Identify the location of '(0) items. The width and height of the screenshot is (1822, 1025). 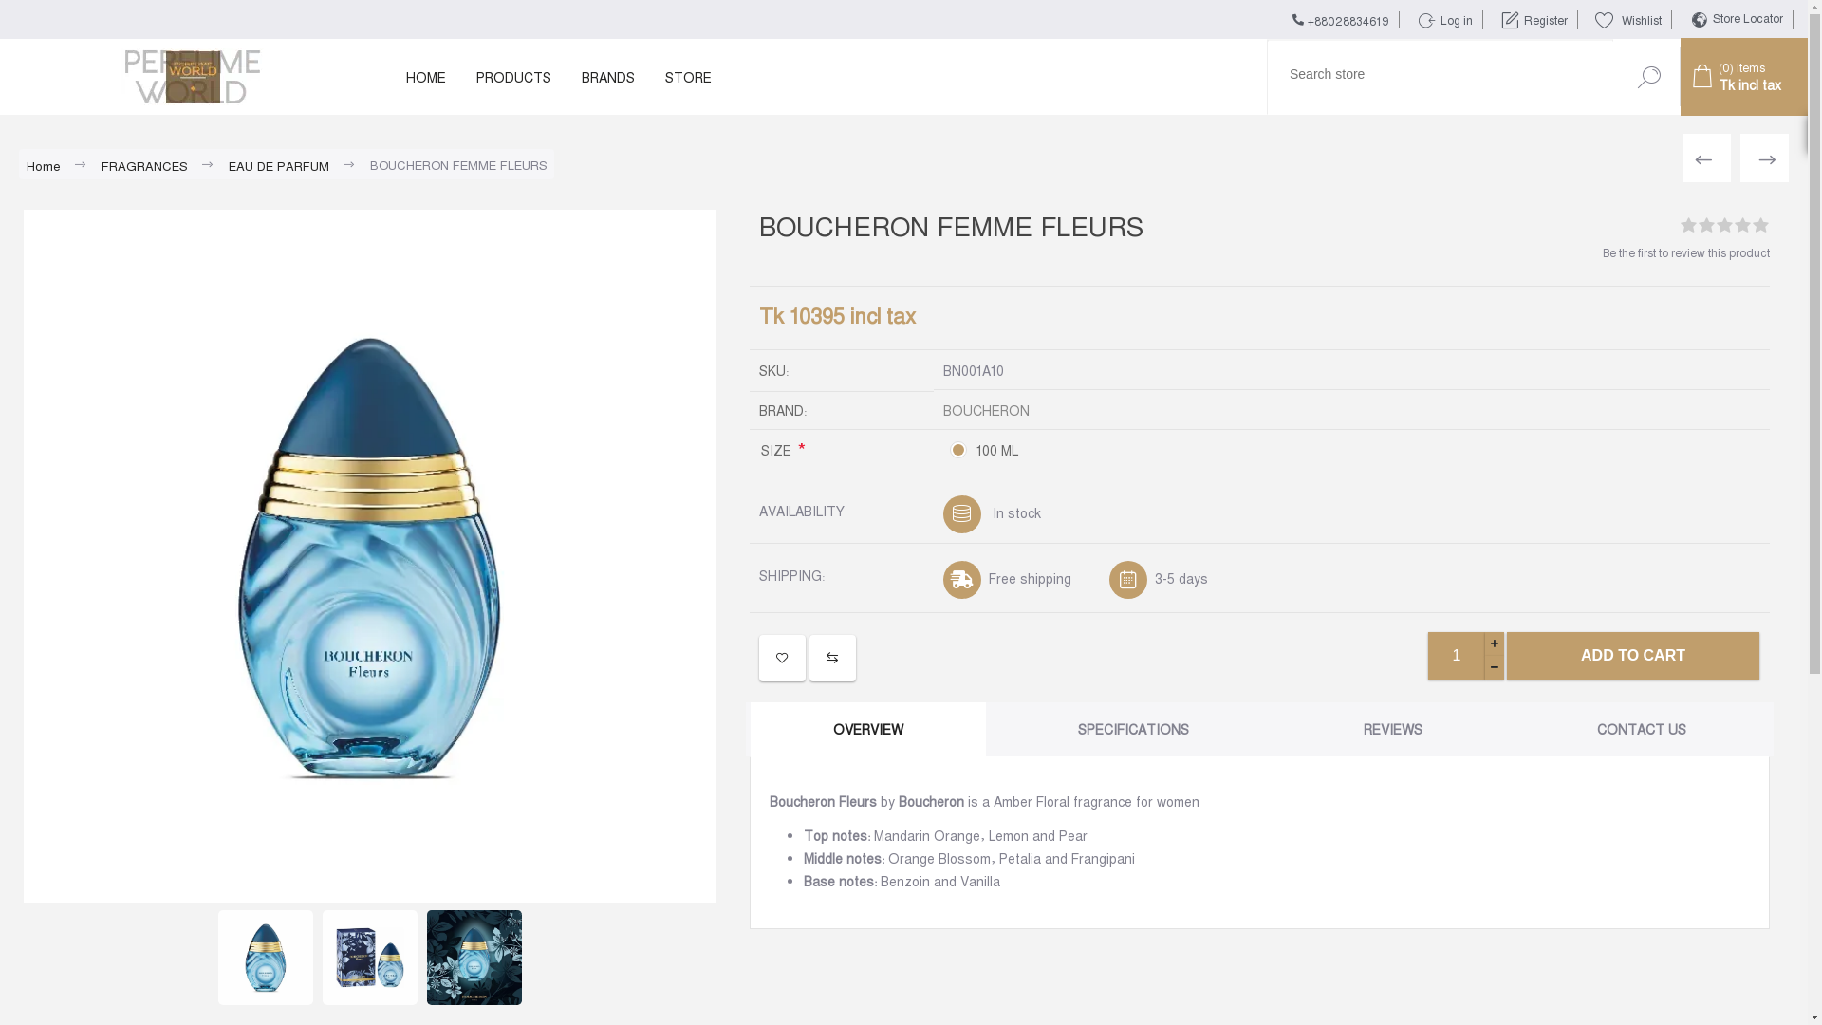
(1693, 76).